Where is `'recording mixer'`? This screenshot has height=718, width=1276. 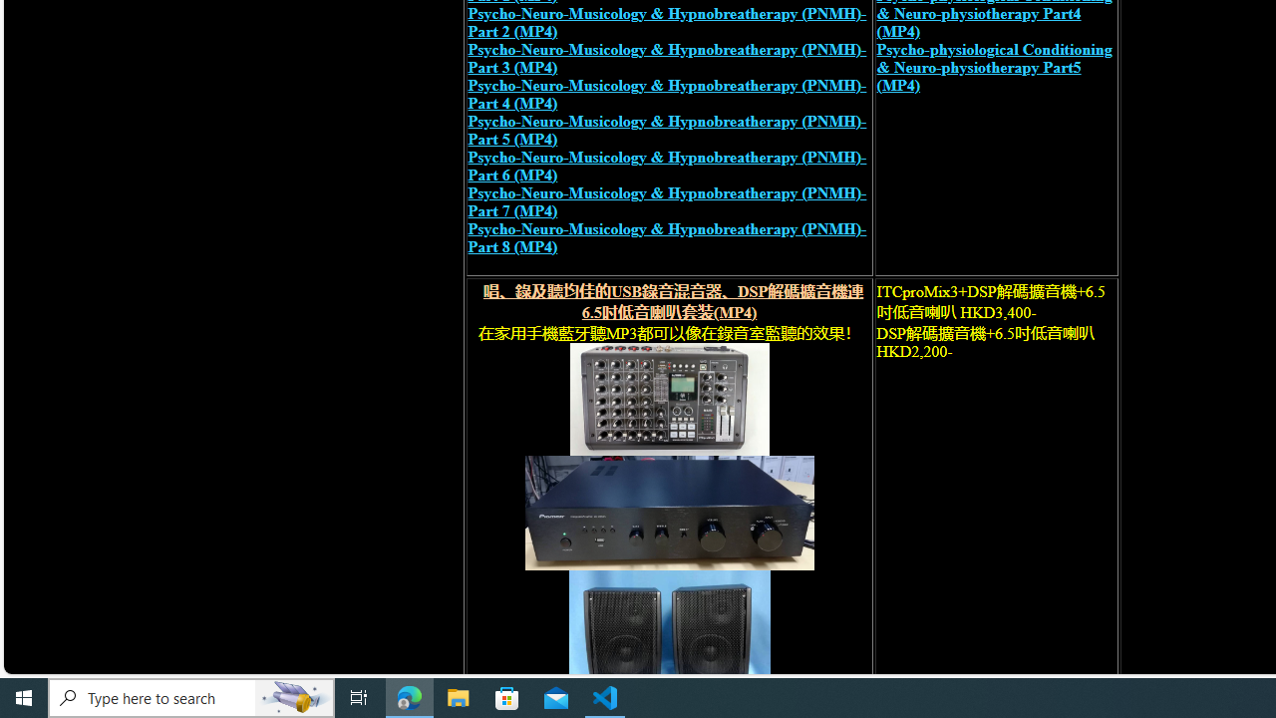
'recording mixer' is located at coordinates (669, 399).